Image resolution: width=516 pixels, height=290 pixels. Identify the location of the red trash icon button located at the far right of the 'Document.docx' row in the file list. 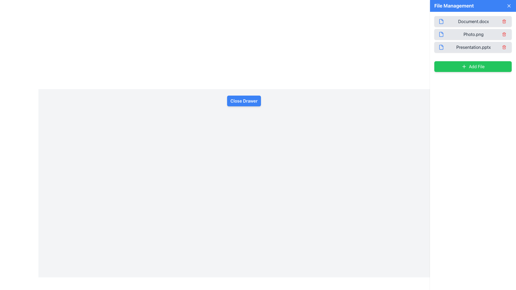
(504, 21).